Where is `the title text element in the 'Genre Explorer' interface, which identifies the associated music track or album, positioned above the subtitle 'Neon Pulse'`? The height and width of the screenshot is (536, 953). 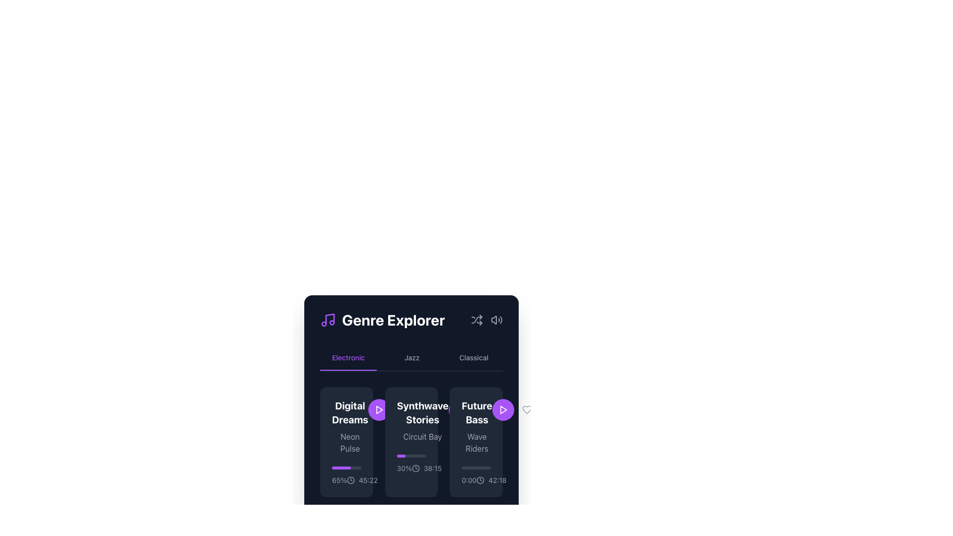 the title text element in the 'Genre Explorer' interface, which identifies the associated music track or album, positioned above the subtitle 'Neon Pulse' is located at coordinates (350, 413).